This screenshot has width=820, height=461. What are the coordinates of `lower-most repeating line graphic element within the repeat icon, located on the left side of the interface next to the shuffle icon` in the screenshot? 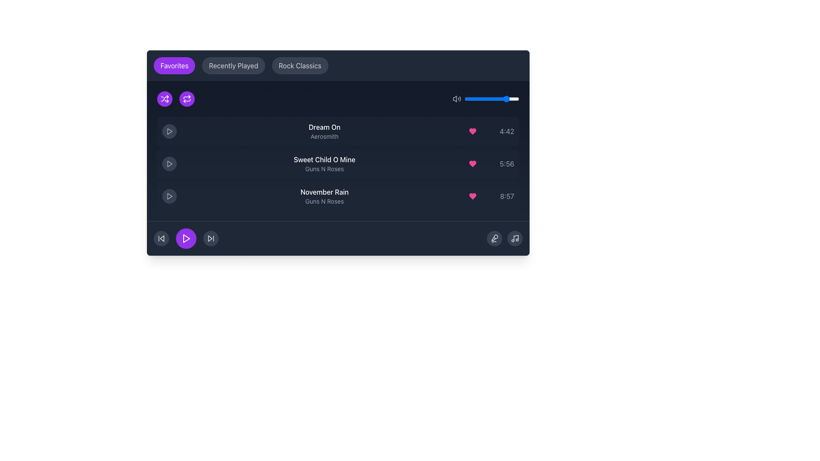 It's located at (186, 99).